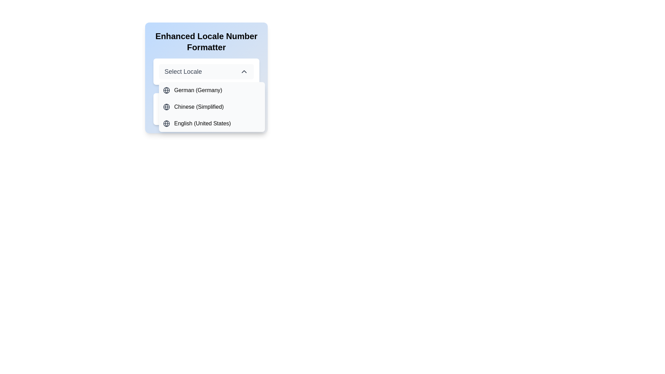 The image size is (665, 374). I want to click on the list item displaying the text 'German (Germany)', so click(198, 90).